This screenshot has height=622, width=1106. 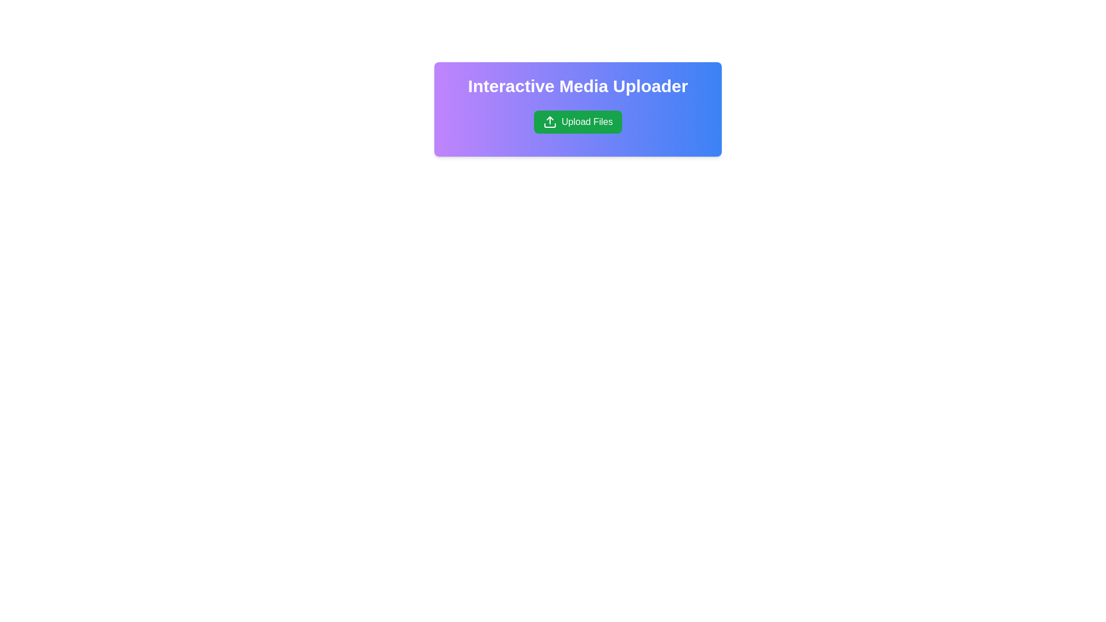 I want to click on the 'Upload Files' button, which is a horizontally rectangular button with a green background and a white upload icon, to initiate file upload, so click(x=578, y=122).